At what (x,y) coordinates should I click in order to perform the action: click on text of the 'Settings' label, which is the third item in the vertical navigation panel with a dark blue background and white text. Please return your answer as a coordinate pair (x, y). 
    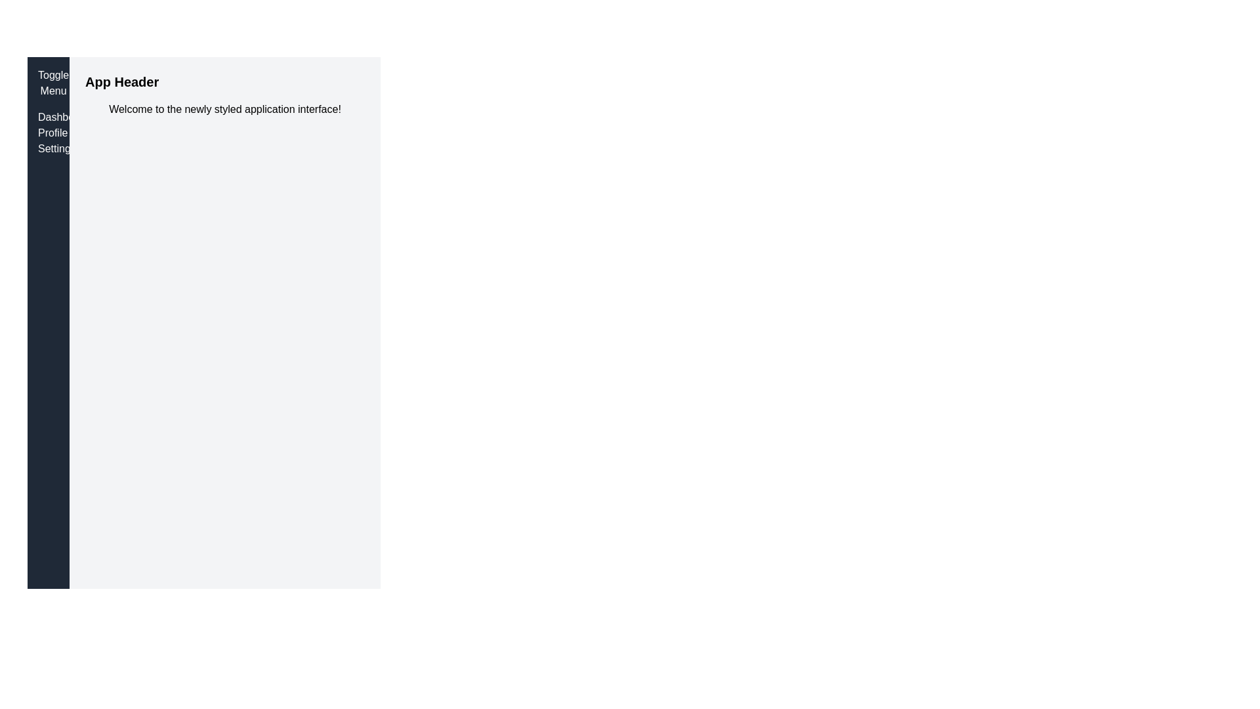
    Looking at the image, I should click on (48, 148).